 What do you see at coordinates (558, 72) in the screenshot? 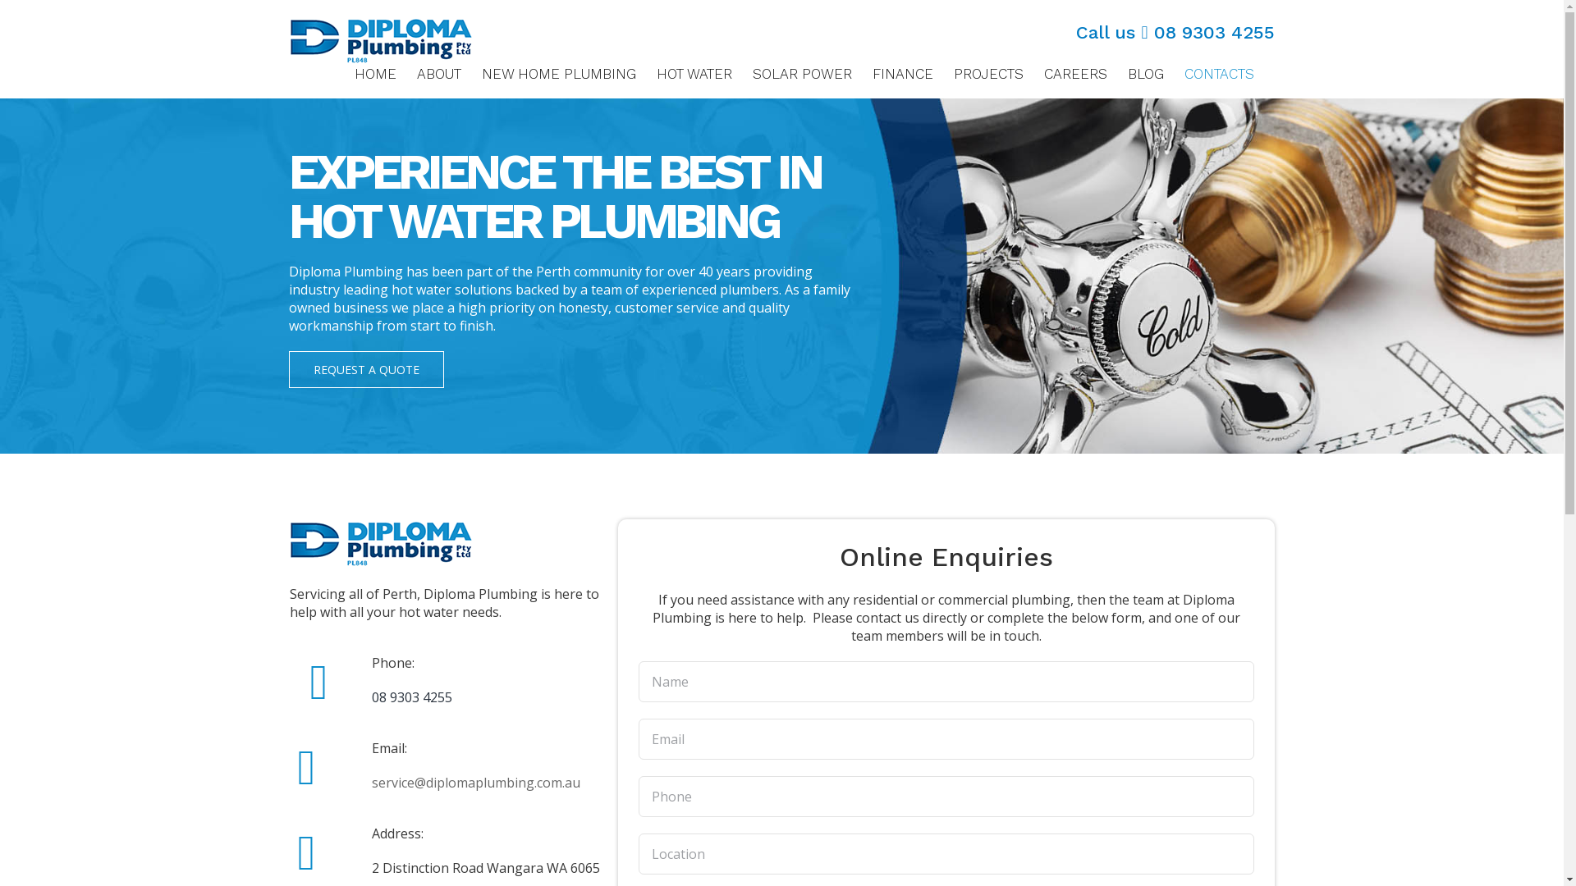
I see `'NEW HOME PLUMBING'` at bounding box center [558, 72].